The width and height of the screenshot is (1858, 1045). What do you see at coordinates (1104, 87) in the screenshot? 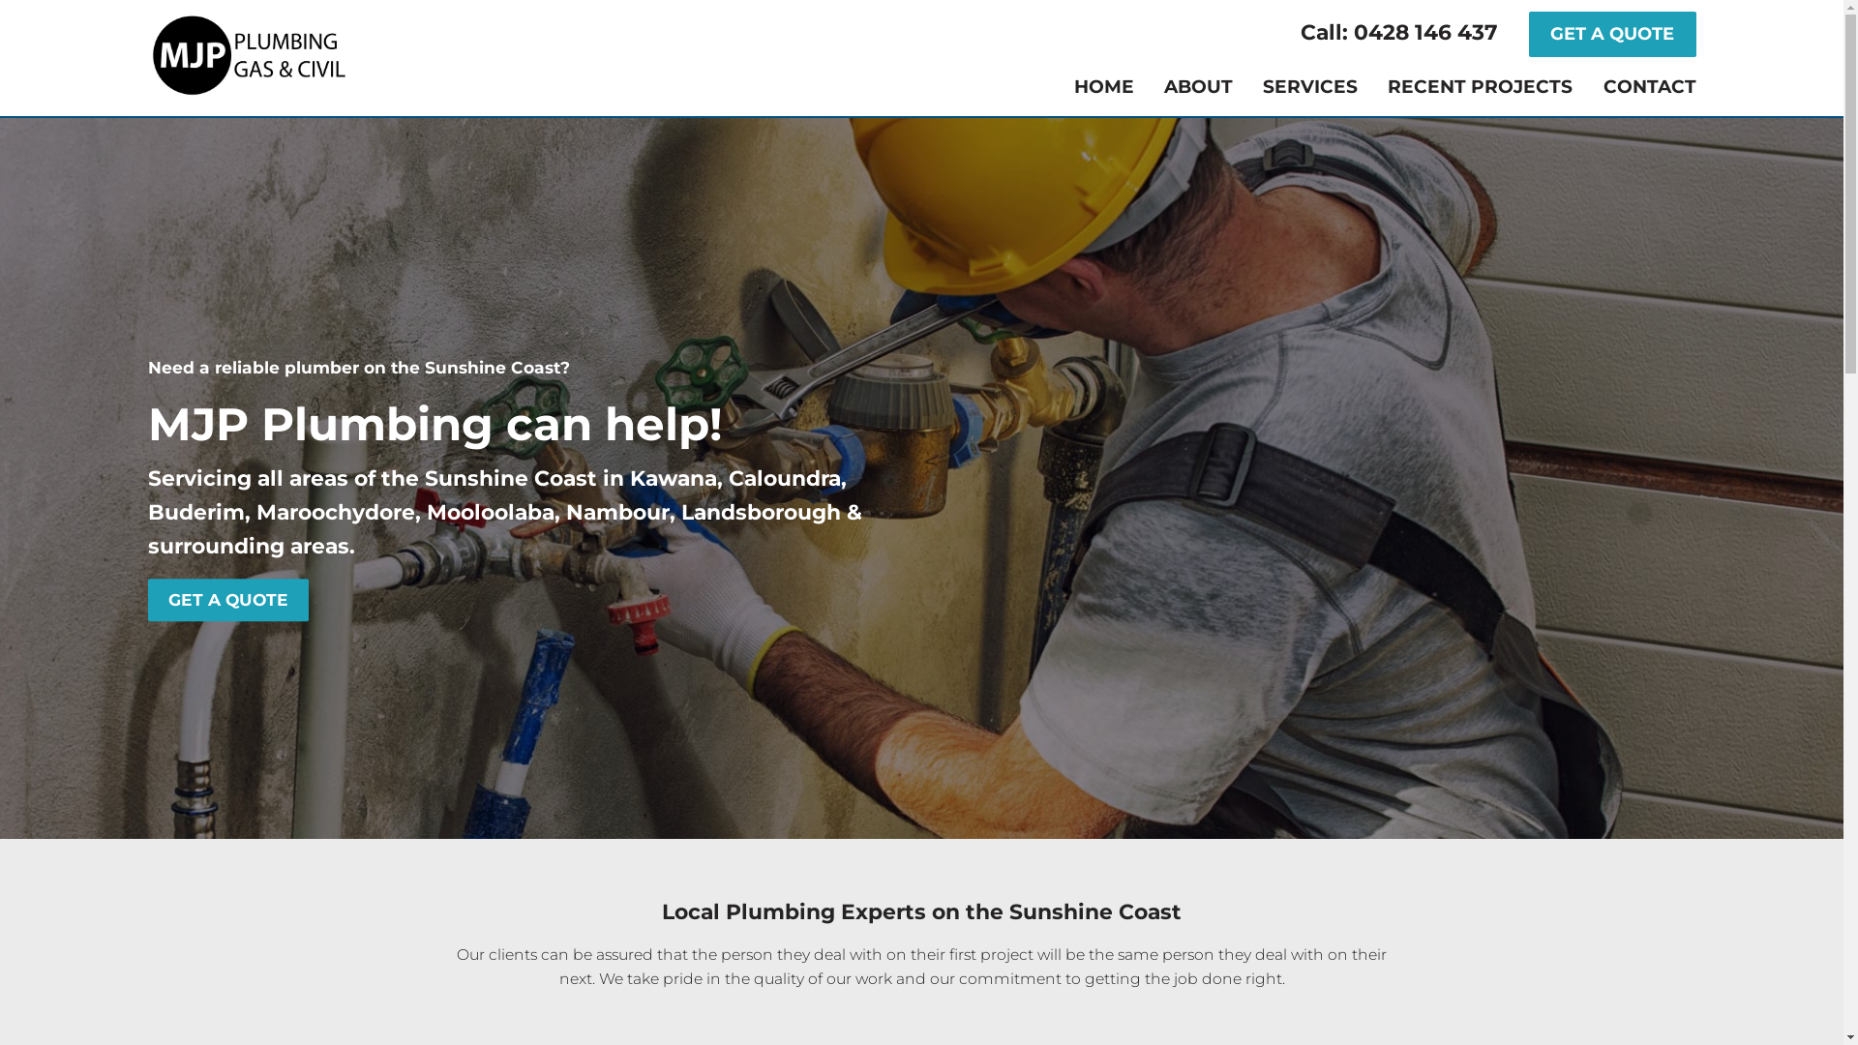
I see `'HOME'` at bounding box center [1104, 87].